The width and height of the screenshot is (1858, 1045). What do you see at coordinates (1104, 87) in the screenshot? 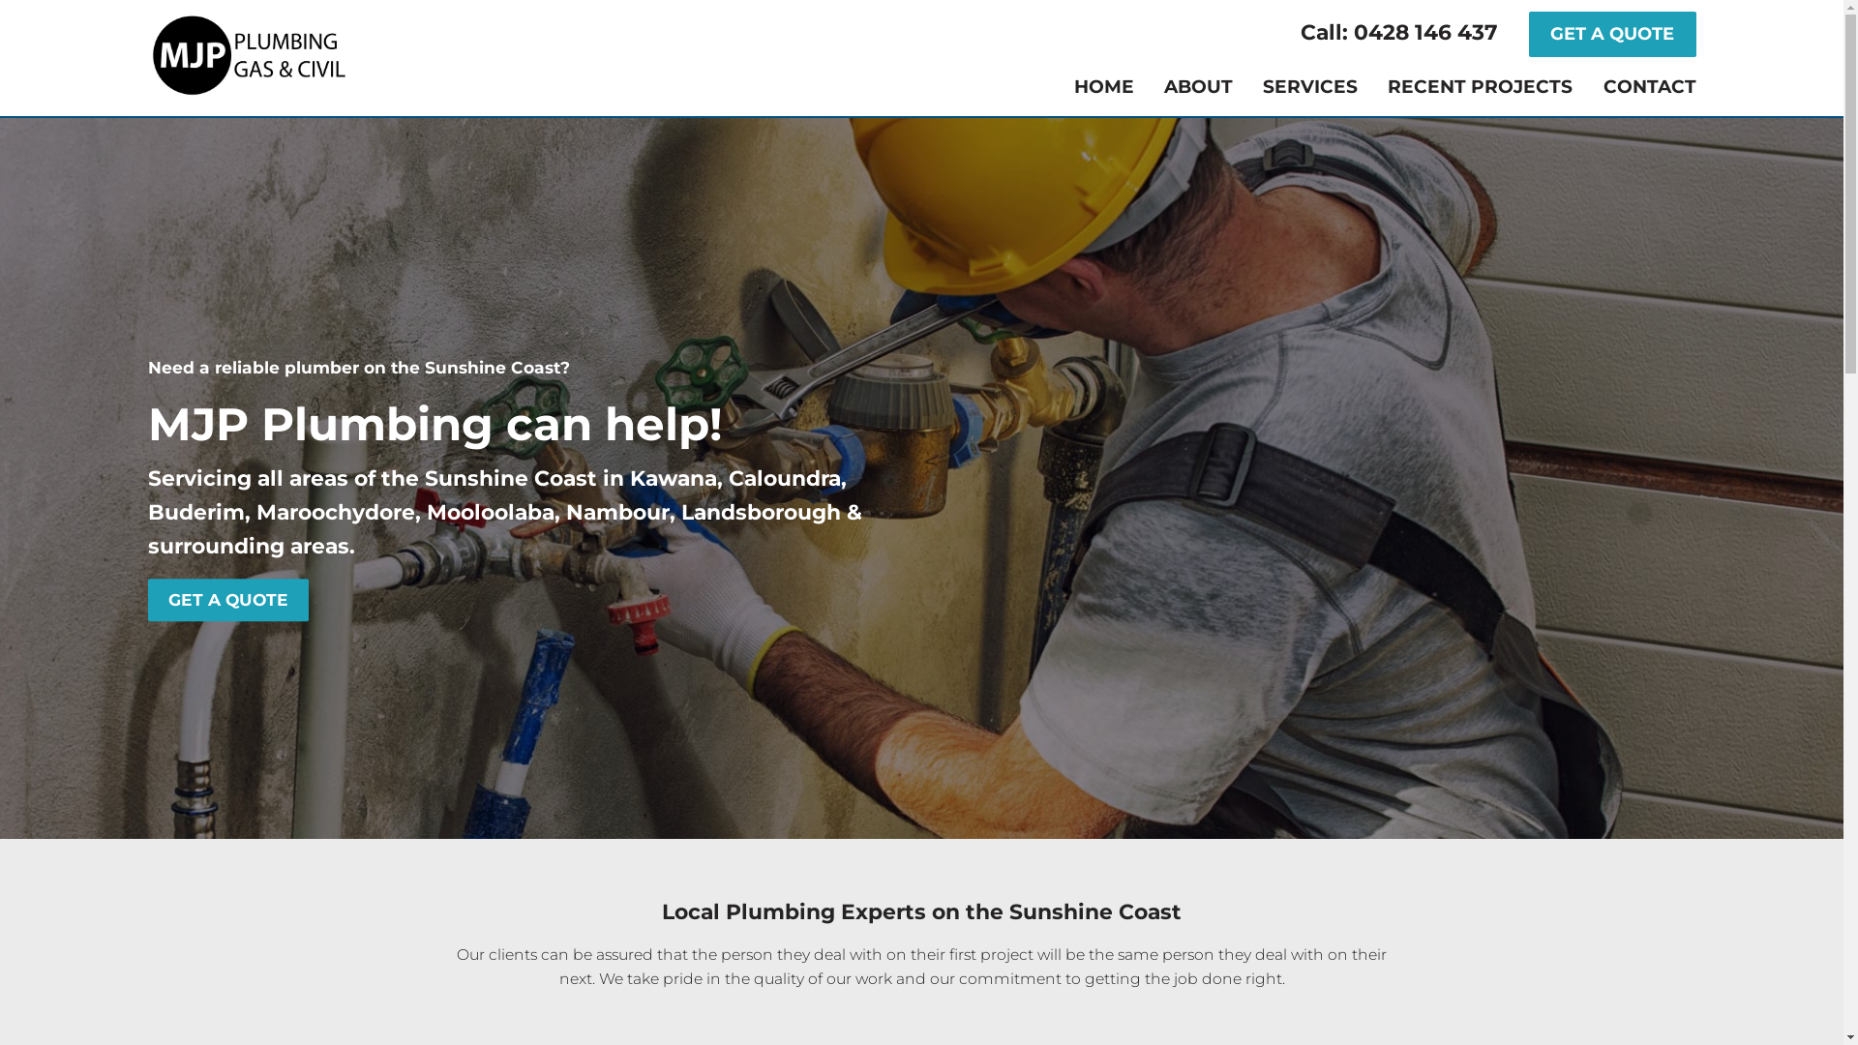
I see `'HOME'` at bounding box center [1104, 87].